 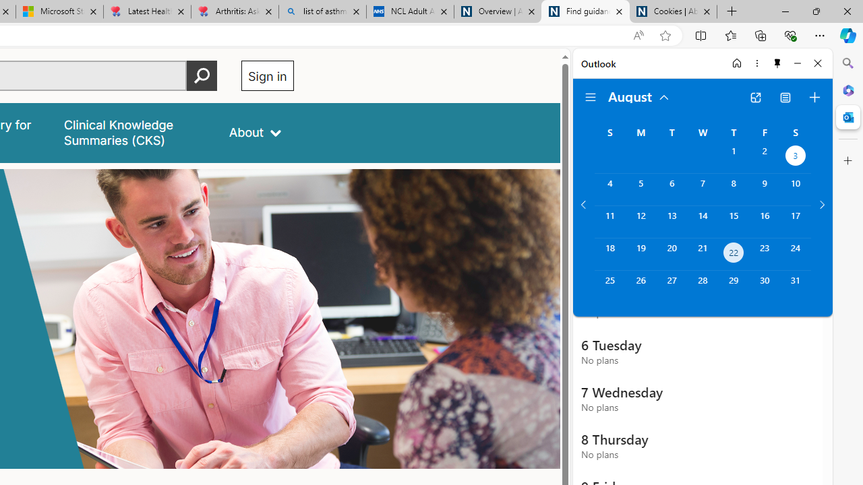 I want to click on 'Tuesday, August 6, 2024. ', so click(x=672, y=189).